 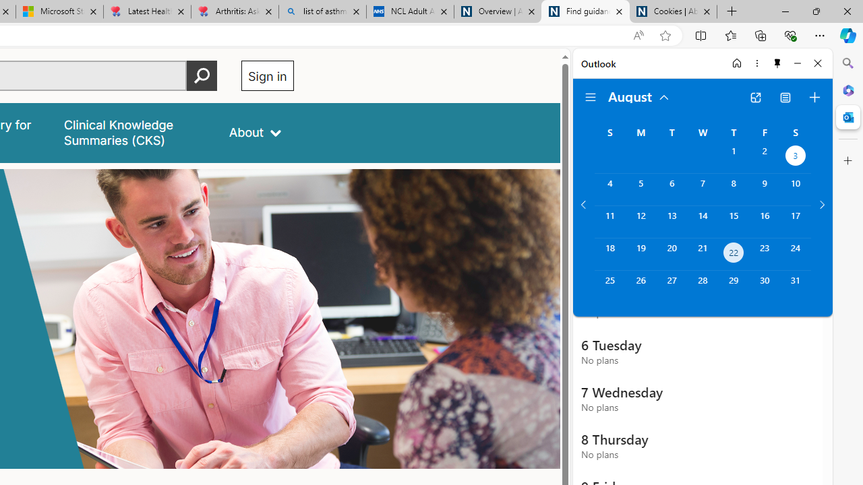 I want to click on 'Tuesday, August 6, 2024. ', so click(x=672, y=189).